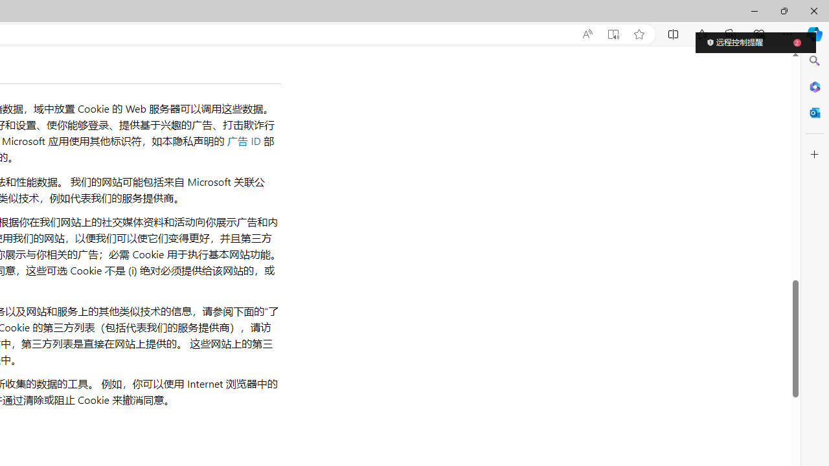 The width and height of the screenshot is (829, 466). I want to click on 'Customize', so click(814, 154).